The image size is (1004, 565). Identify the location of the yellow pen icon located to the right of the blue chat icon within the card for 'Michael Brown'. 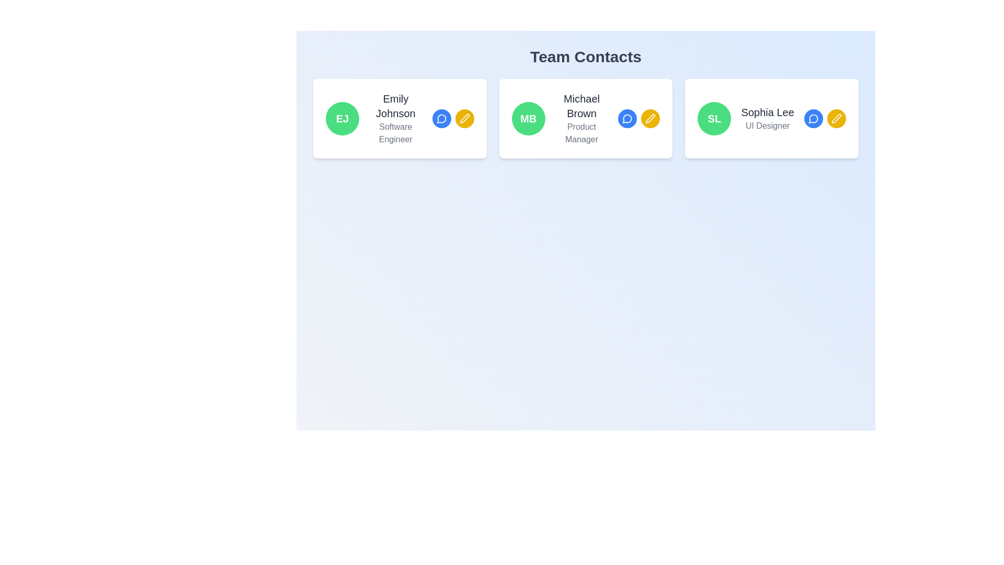
(464, 118).